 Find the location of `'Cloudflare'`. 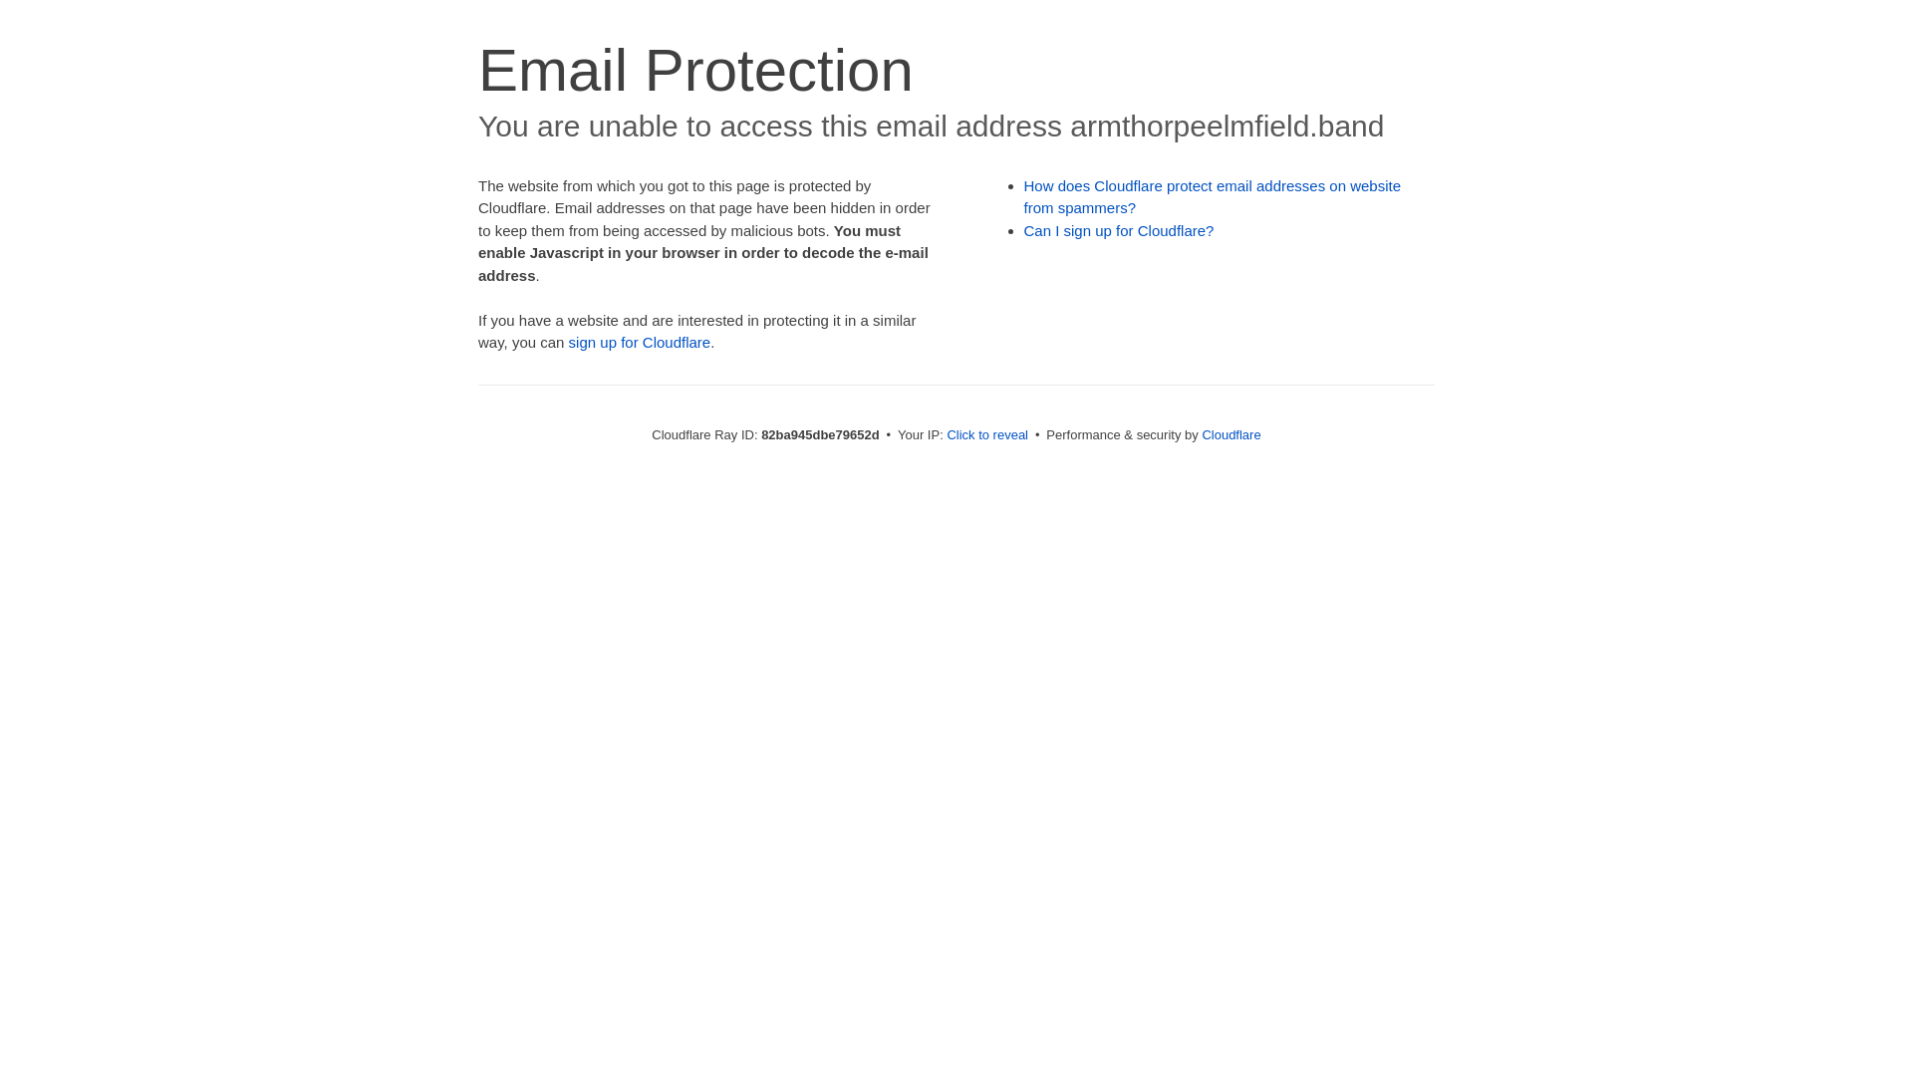

'Cloudflare' is located at coordinates (1230, 433).